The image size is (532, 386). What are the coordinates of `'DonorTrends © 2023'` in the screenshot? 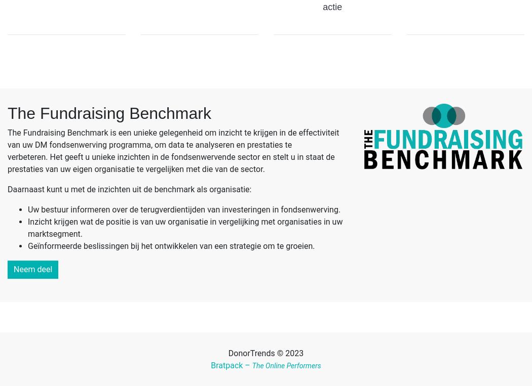 It's located at (265, 353).